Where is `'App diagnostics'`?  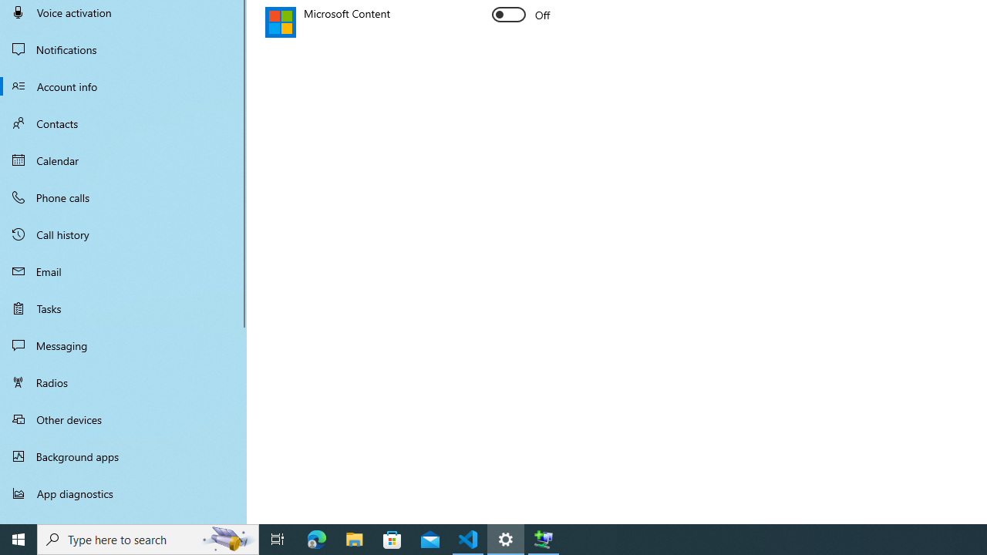 'App diagnostics' is located at coordinates (123, 493).